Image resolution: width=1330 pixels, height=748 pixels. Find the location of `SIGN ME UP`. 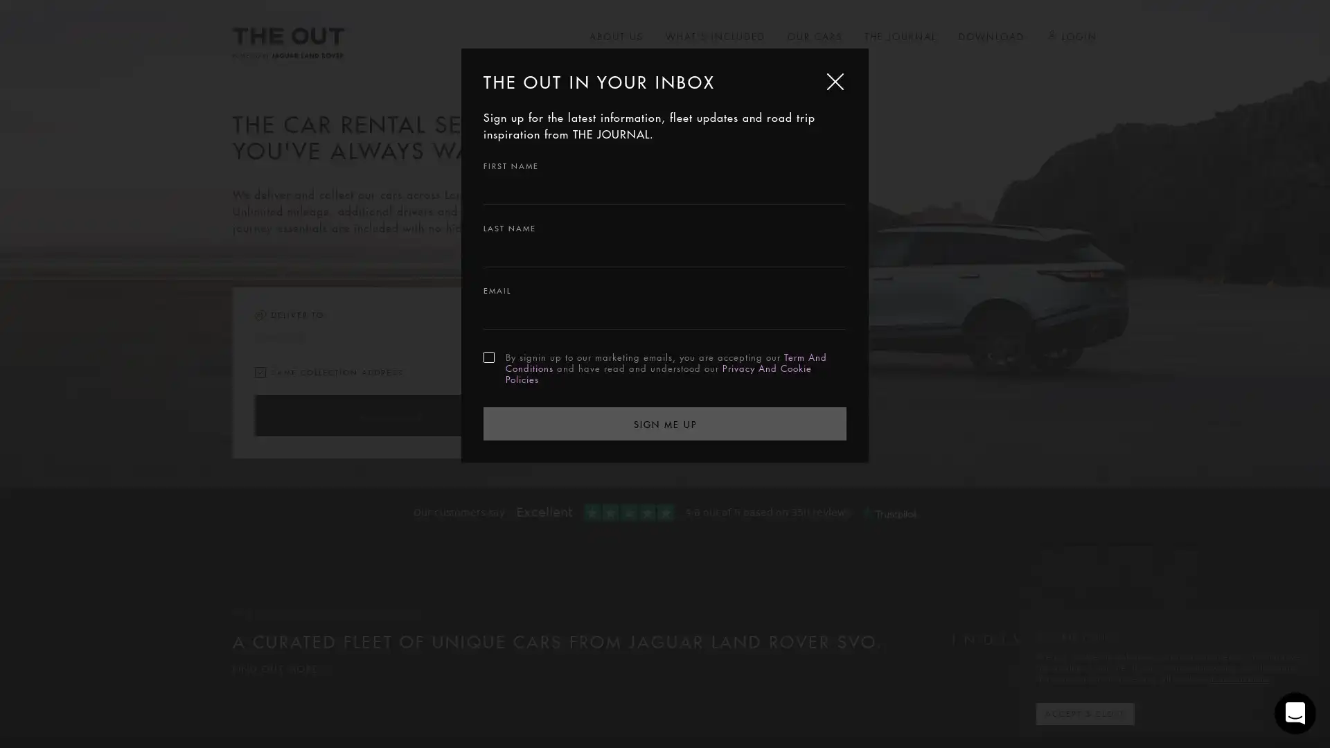

SIGN ME UP is located at coordinates (665, 422).